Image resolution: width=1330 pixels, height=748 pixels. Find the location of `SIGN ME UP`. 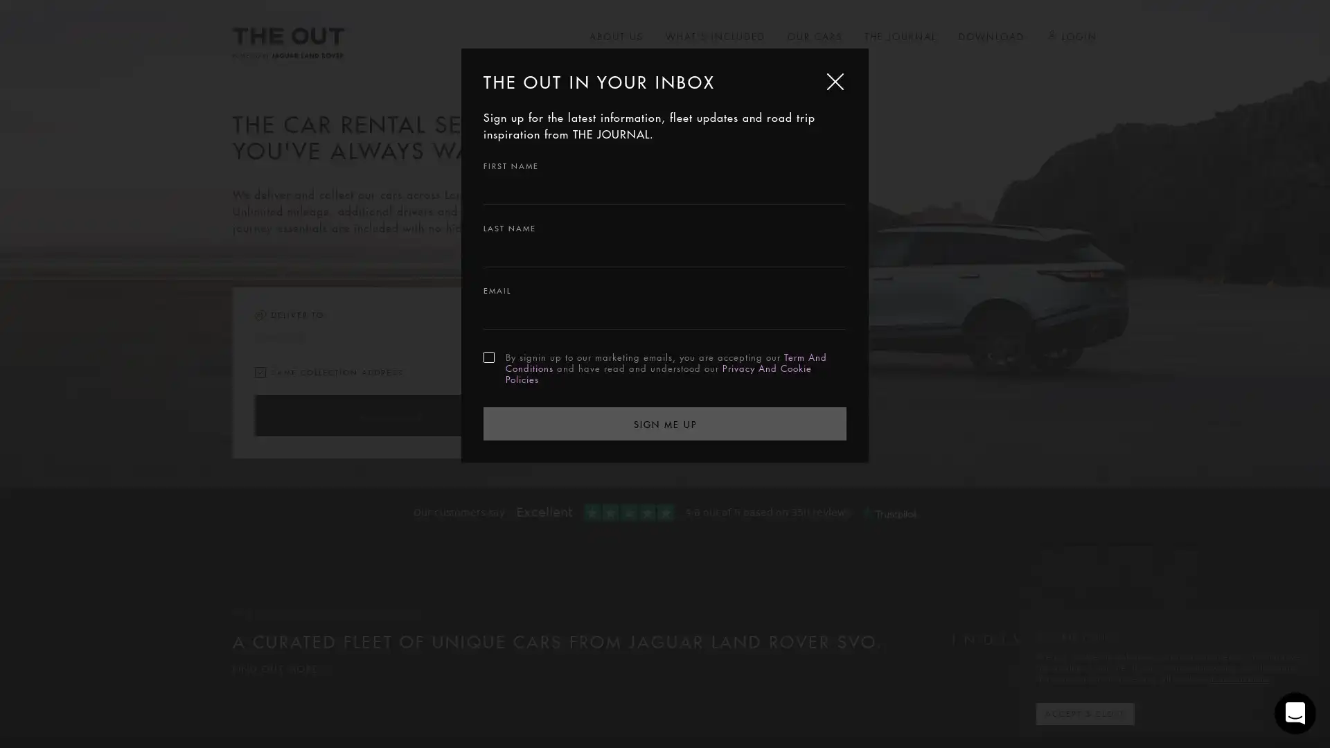

SIGN ME UP is located at coordinates (665, 422).